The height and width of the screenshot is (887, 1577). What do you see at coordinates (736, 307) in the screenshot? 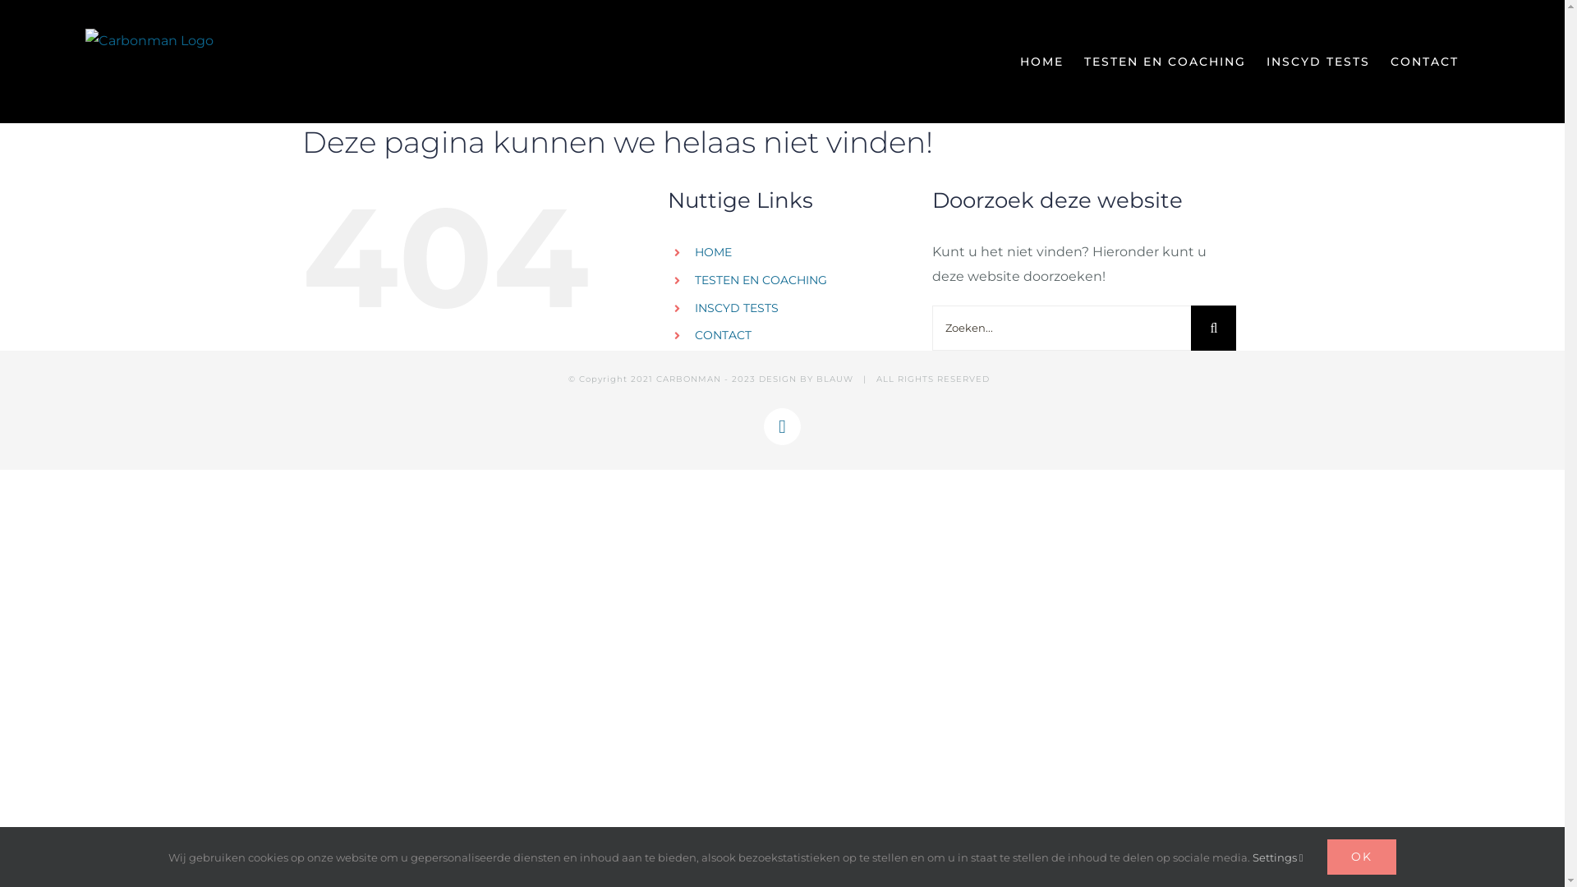
I see `'INSCYD TESTS'` at bounding box center [736, 307].